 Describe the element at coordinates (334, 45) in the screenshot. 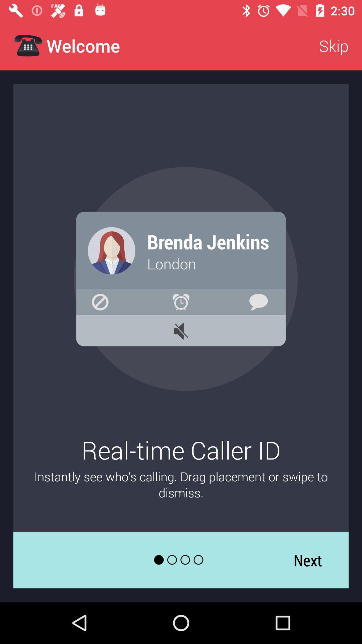

I see `the skip item` at that location.